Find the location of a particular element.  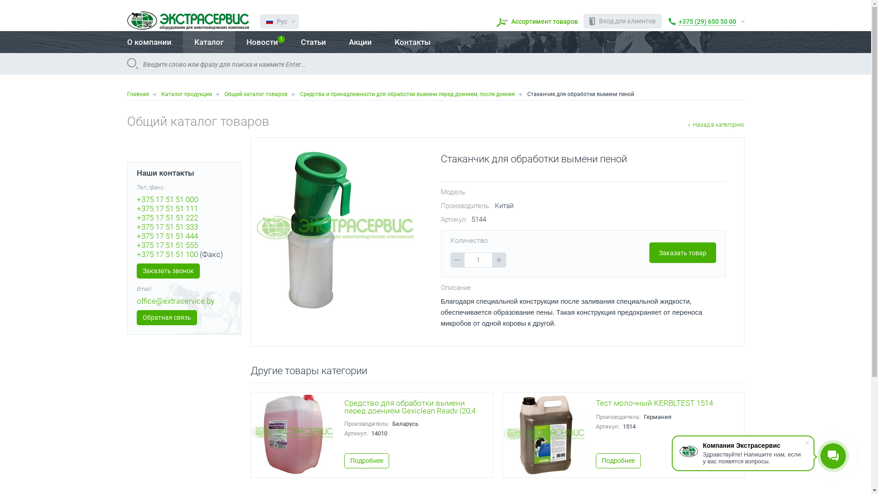

'+375 17 51 51 111' is located at coordinates (166, 208).